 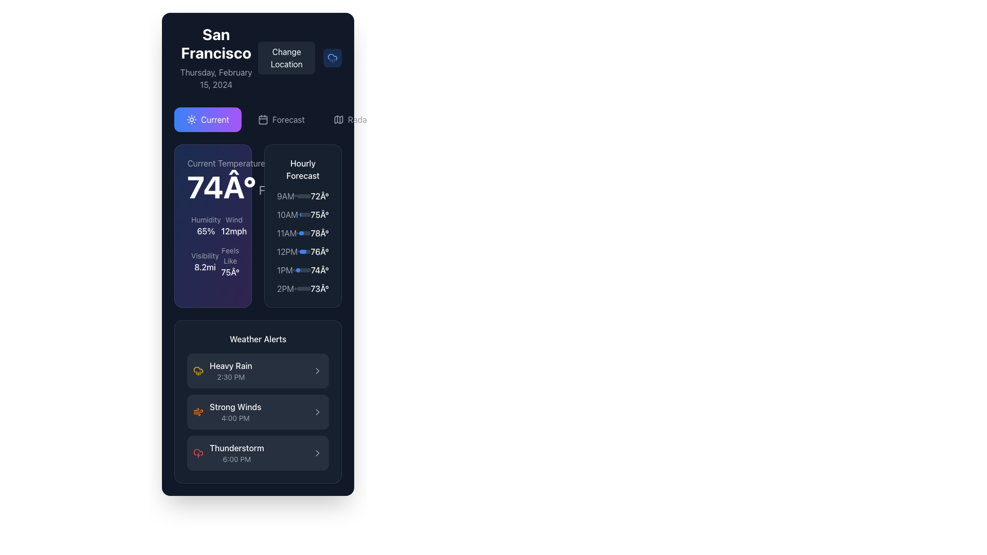 I want to click on the 'Strong Winds' informational card located in the middle of the three weather alert cards in the 'Weather Alerts' section, so click(x=258, y=412).